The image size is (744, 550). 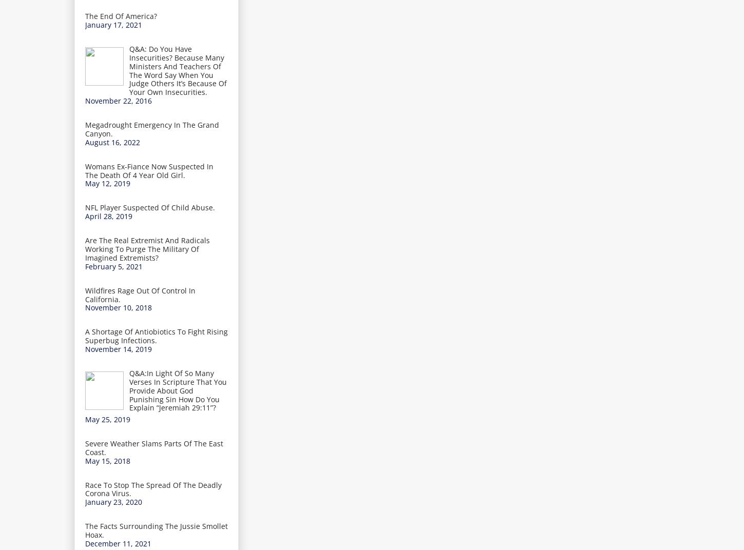 I want to click on 'May 15, 2018', so click(x=107, y=460).